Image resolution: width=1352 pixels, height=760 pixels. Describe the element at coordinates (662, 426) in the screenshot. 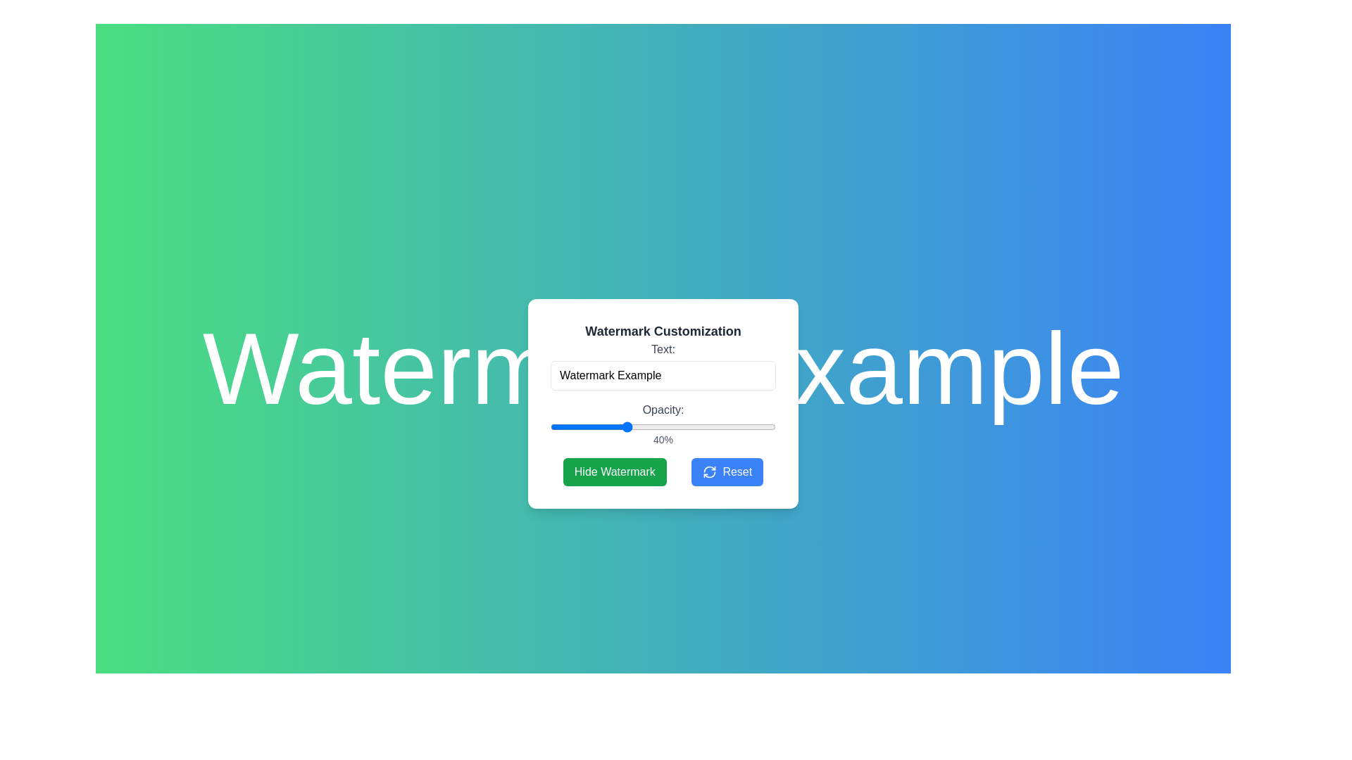

I see `the range slider used to adjust the opacity level, which currently displays 40%, for potential tooltip display` at that location.